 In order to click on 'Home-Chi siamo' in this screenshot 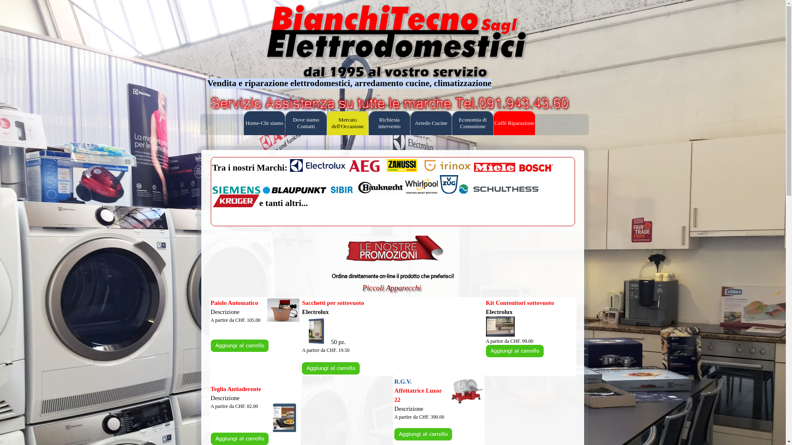, I will do `click(264, 123)`.